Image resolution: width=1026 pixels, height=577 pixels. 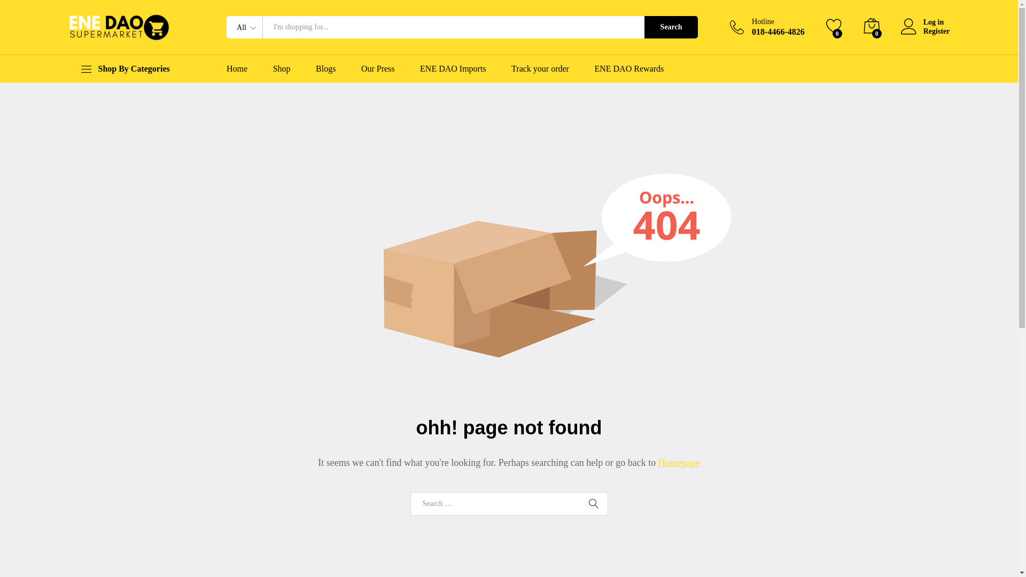 What do you see at coordinates (925, 31) in the screenshot?
I see `'Register'` at bounding box center [925, 31].